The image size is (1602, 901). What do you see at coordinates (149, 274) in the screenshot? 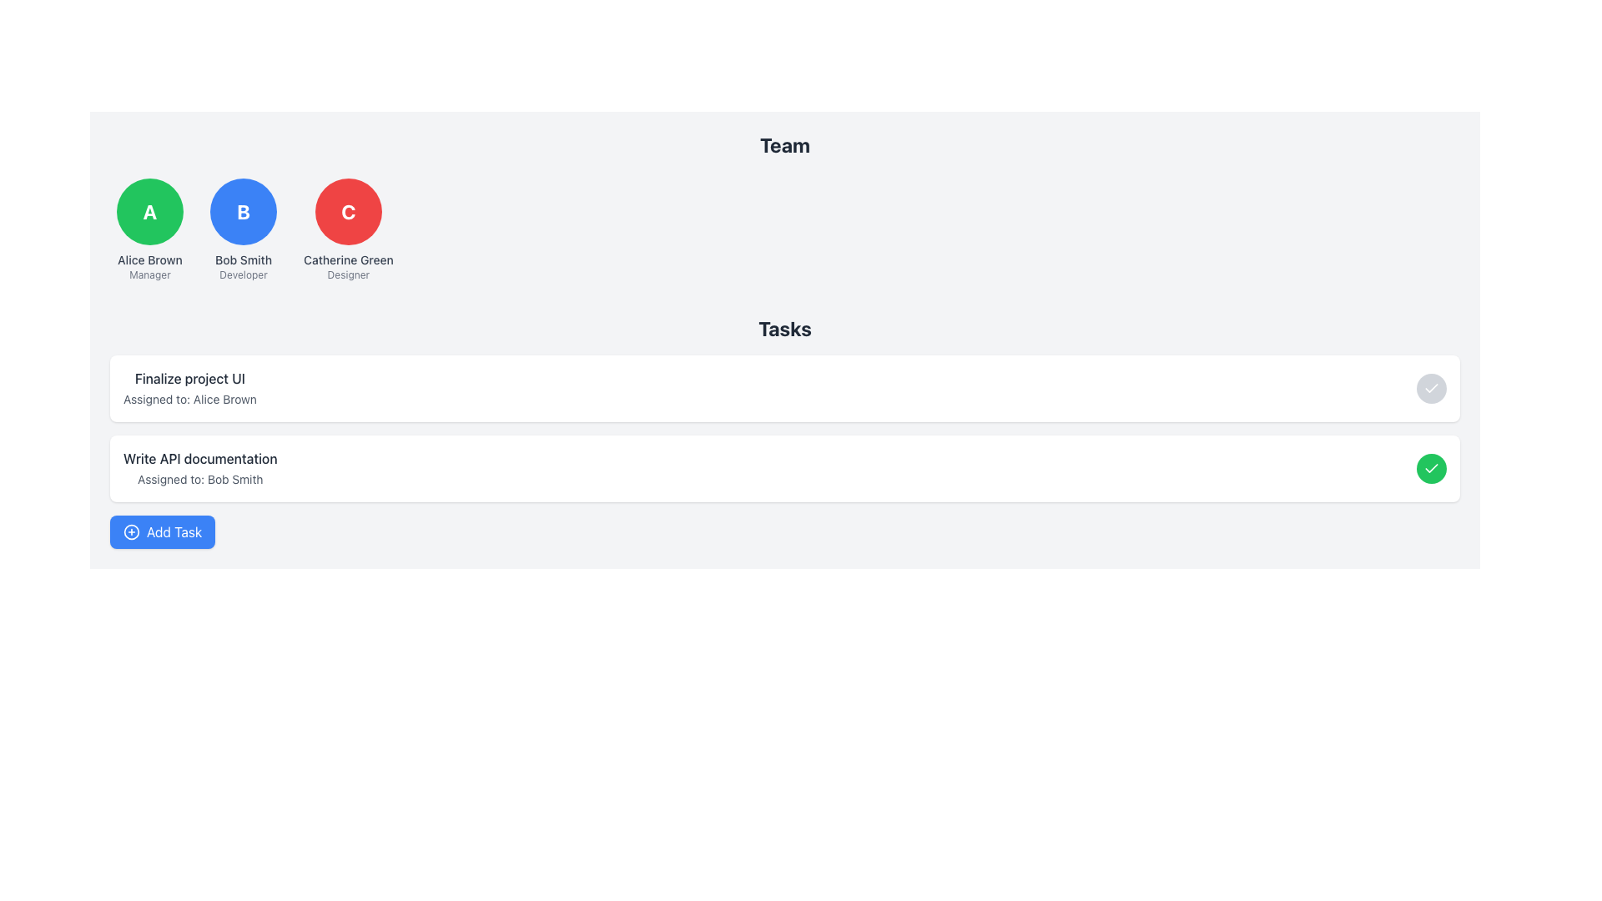
I see `the non-interactive text label indicating the job title associated with 'Alice Brown', located in her profile card under the 'Team' section` at bounding box center [149, 274].